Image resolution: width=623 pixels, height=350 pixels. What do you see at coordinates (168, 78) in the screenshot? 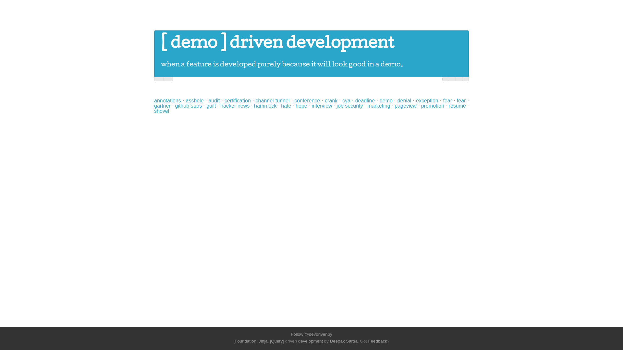
I see `'next'` at bounding box center [168, 78].